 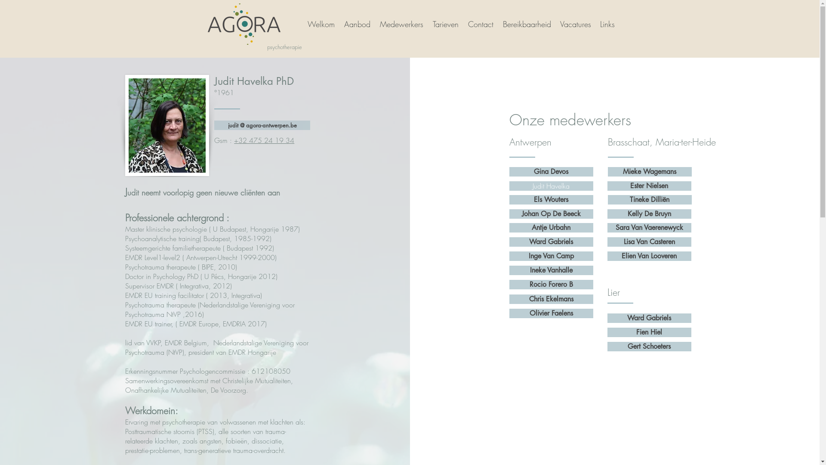 What do you see at coordinates (509, 214) in the screenshot?
I see `'Johan Op De Beeck'` at bounding box center [509, 214].